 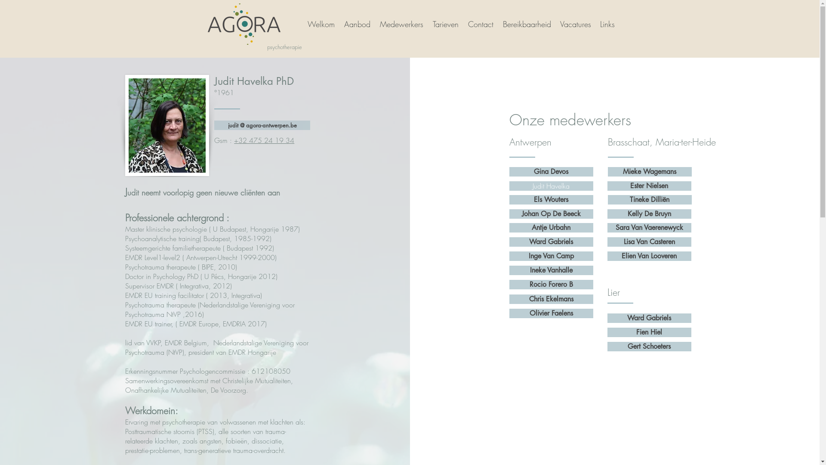 What do you see at coordinates (509, 214) in the screenshot?
I see `'Johan Op De Beeck'` at bounding box center [509, 214].